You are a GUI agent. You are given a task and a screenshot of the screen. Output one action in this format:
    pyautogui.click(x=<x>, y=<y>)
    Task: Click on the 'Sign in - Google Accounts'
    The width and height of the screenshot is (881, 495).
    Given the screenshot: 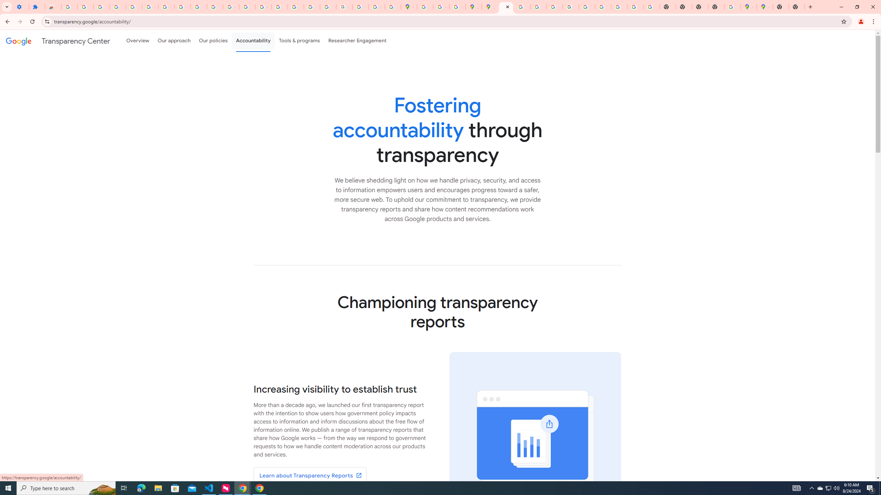 What is the action you would take?
    pyautogui.click(x=134, y=7)
    